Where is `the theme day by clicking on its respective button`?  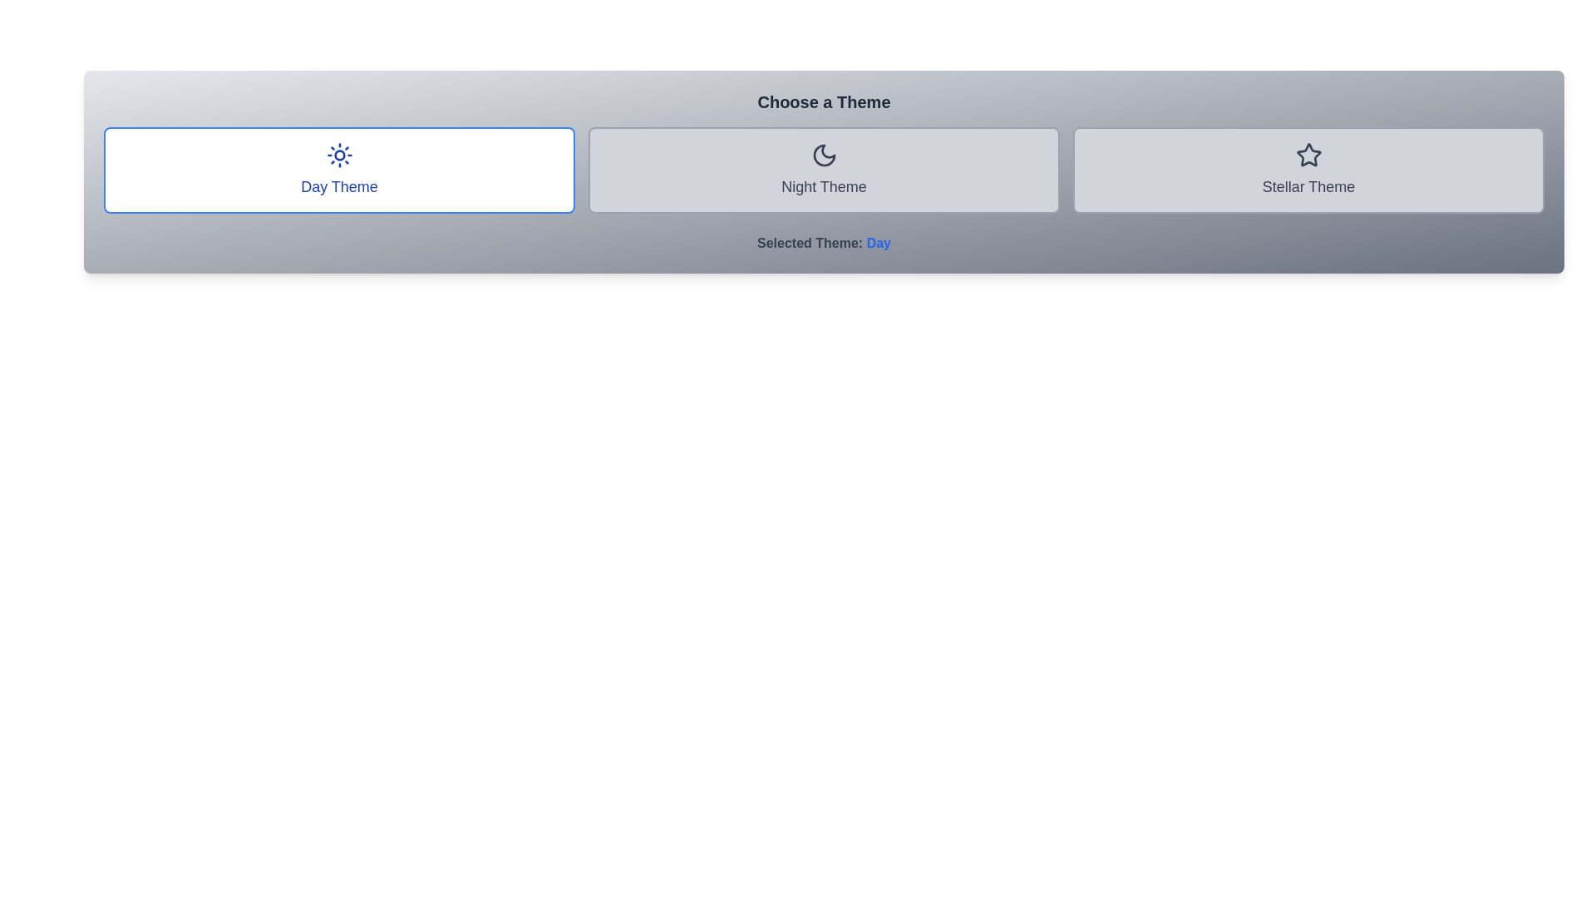
the theme day by clicking on its respective button is located at coordinates (338, 170).